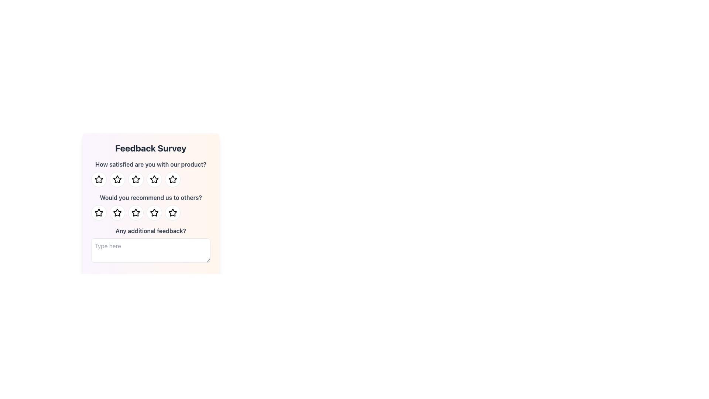  Describe the element at coordinates (136, 212) in the screenshot. I see `the filled red star button, which is the third star in the second row of the feedback survey asking 'Would you recommend us to others?'` at that location.